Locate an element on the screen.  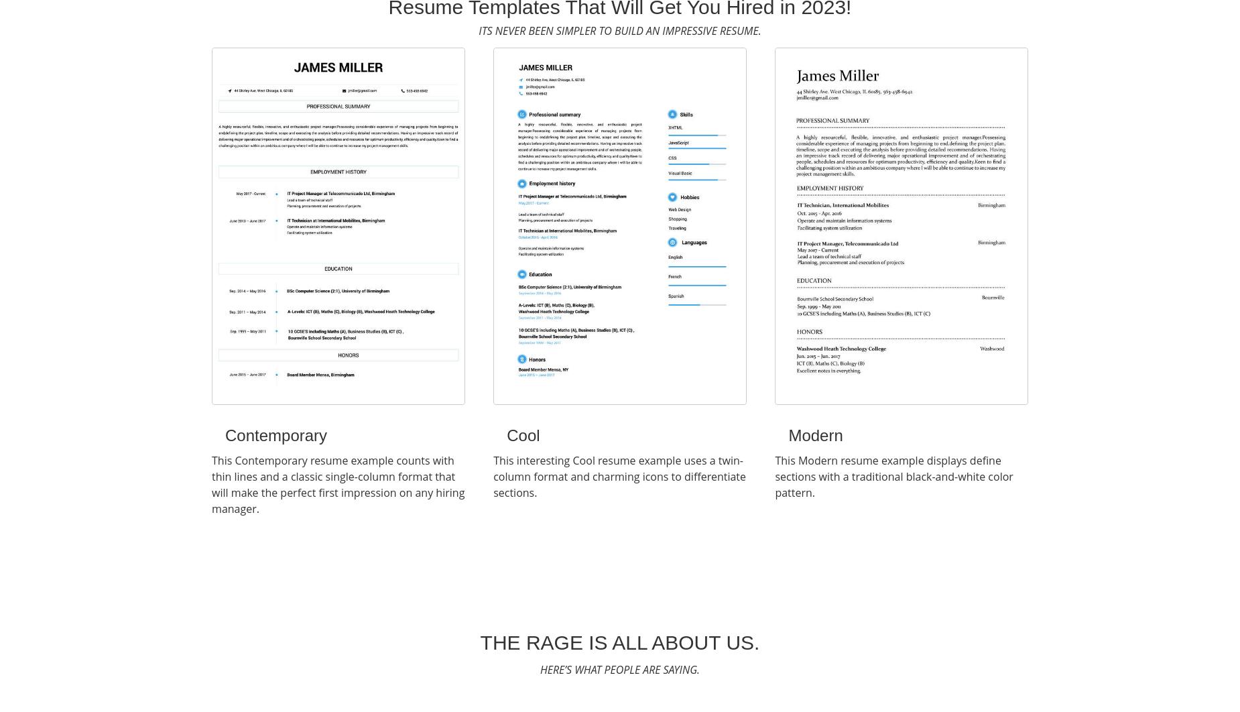
'Cool' is located at coordinates (523, 435).